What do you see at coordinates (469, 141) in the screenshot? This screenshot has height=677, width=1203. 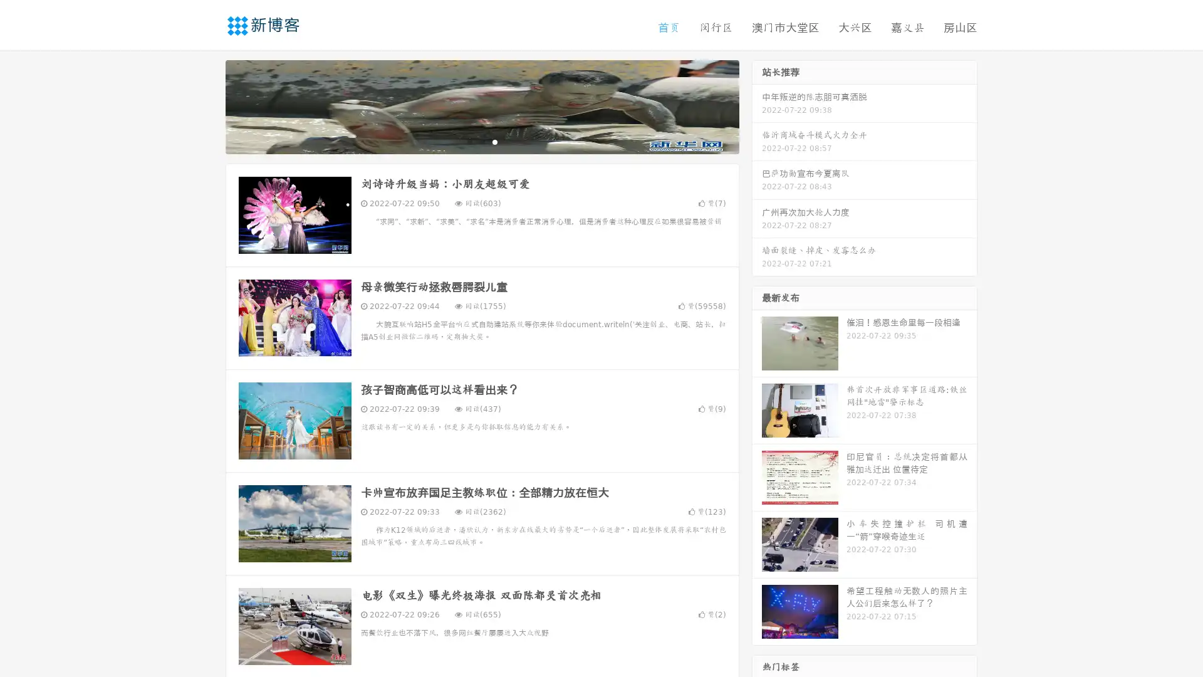 I see `Go to slide 1` at bounding box center [469, 141].